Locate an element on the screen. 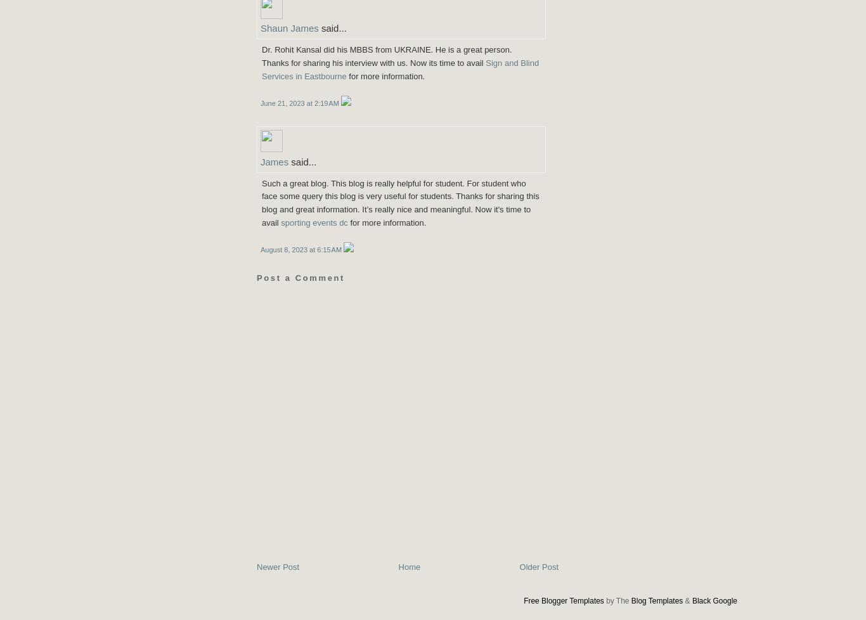 Image resolution: width=866 pixels, height=620 pixels. 'Free Blogger Templates' is located at coordinates (562, 600).